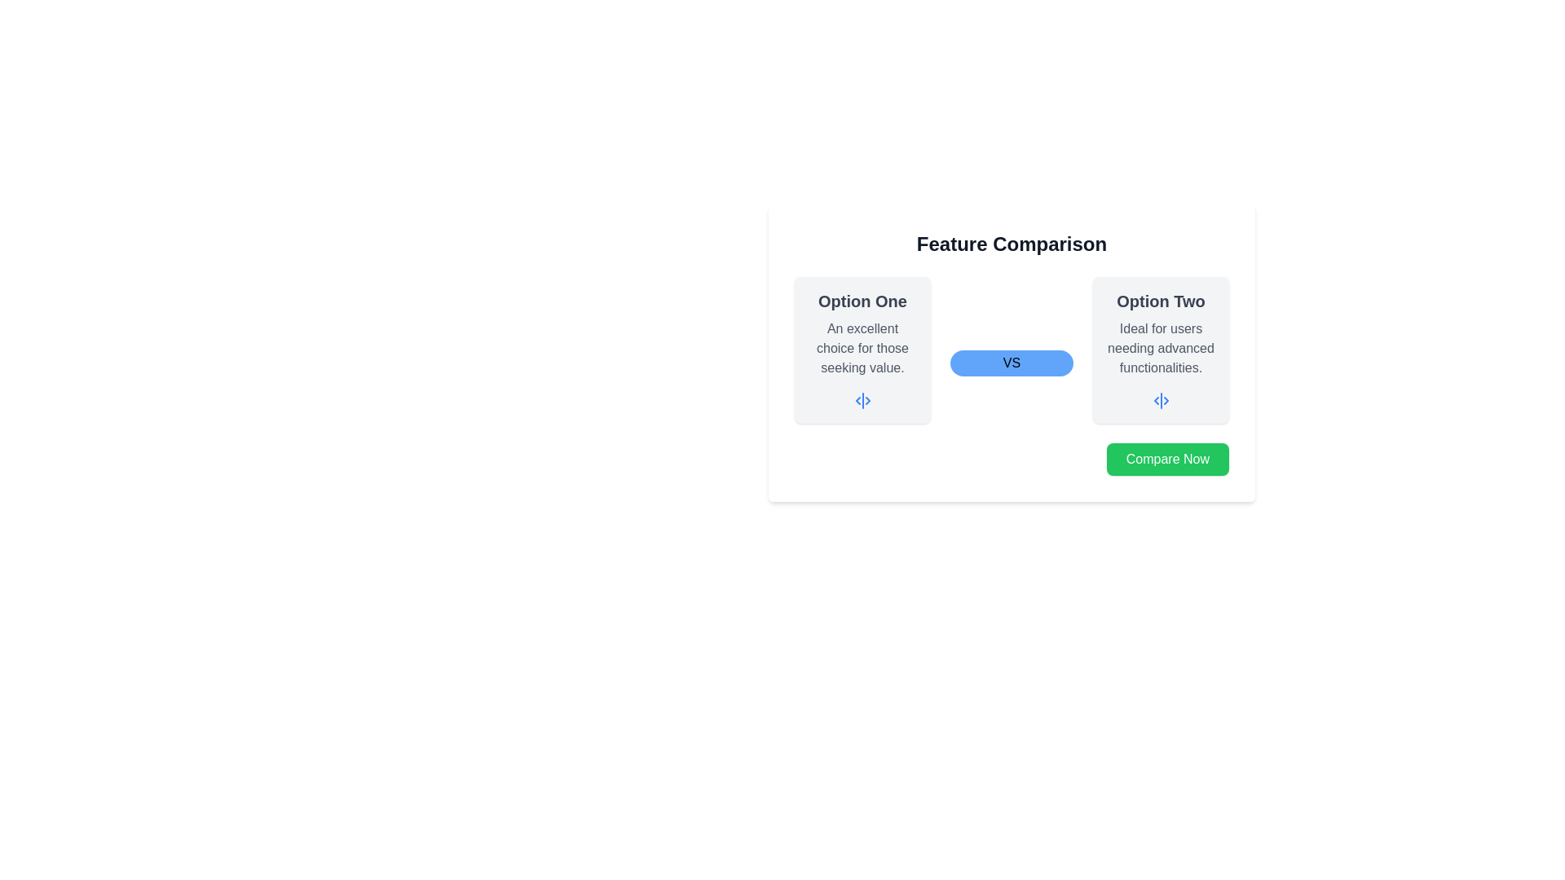 Image resolution: width=1565 pixels, height=880 pixels. What do you see at coordinates (1160, 348) in the screenshot?
I see `the text block that says 'Ideal for users needing advanced functionalities.' located beneath the title 'Option Two' in the highlighted card layout` at bounding box center [1160, 348].